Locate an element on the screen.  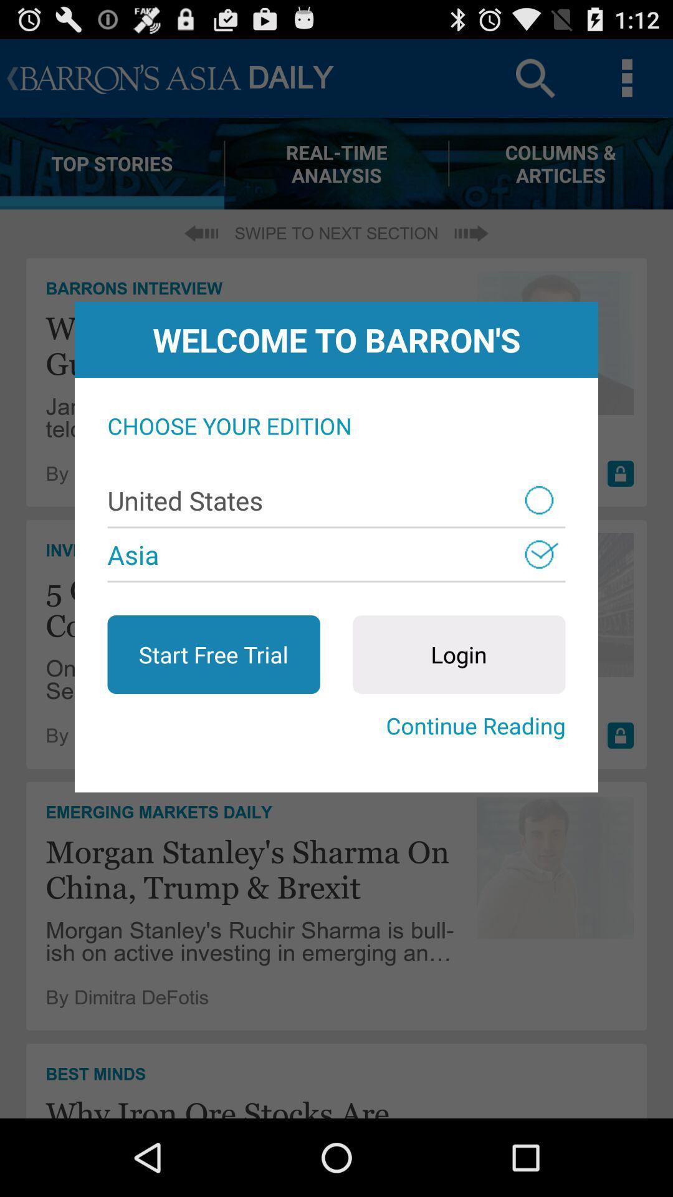
united states item is located at coordinates (336, 500).